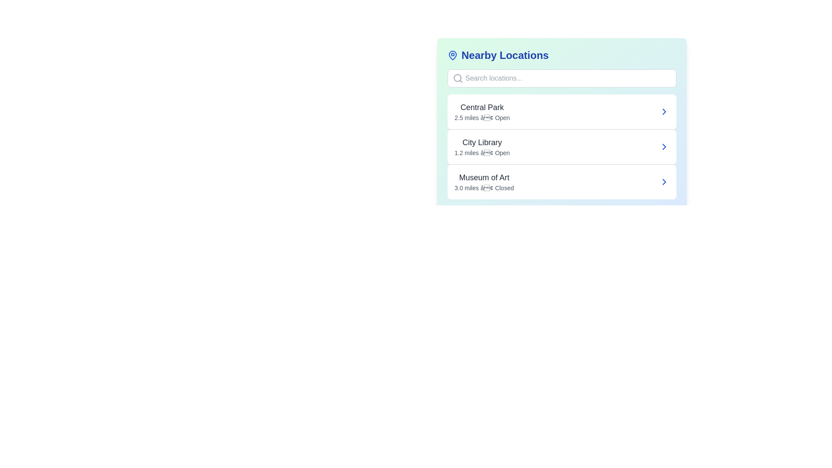 This screenshot has height=468, width=832. I want to click on the blue map pin icon located to the far left of the 'Nearby Locations' header, so click(452, 55).